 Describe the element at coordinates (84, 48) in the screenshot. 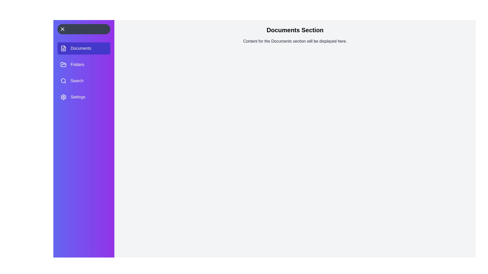

I see `the section labeled Documents to select it` at that location.